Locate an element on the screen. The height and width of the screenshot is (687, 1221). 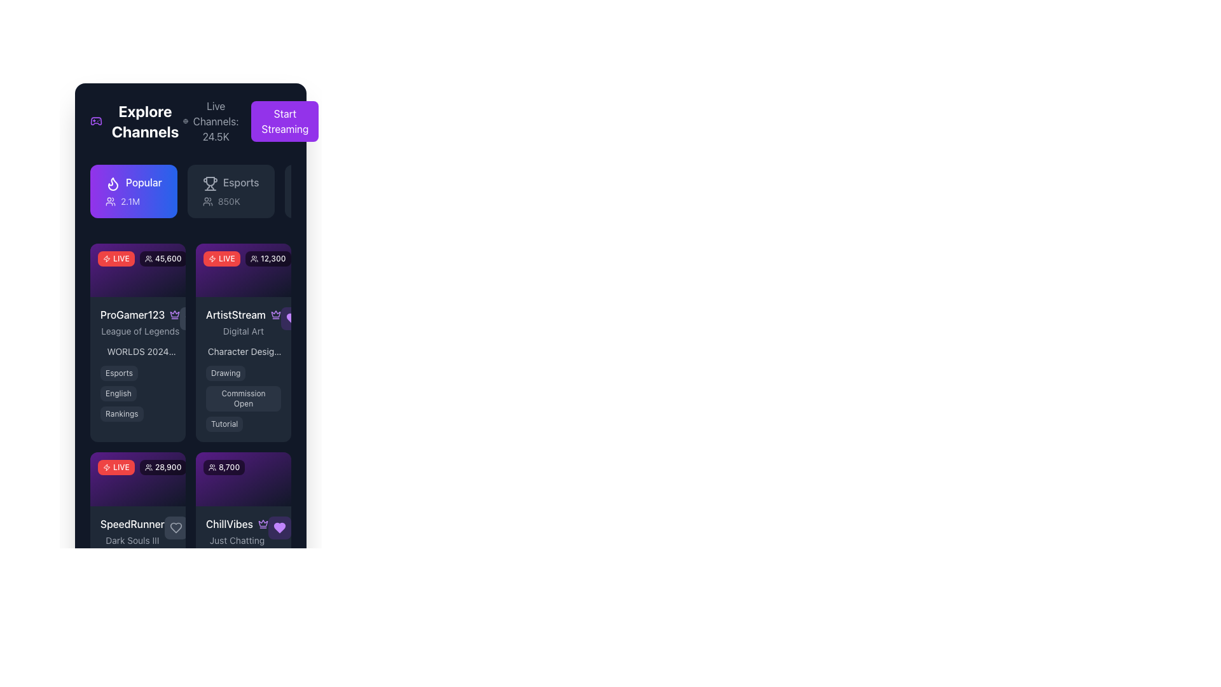
the 'Popular' button with a flame icon and the text 'Popular' in bold, located at the top-left corner of the horizontally scrollable list of categories is located at coordinates (134, 191).